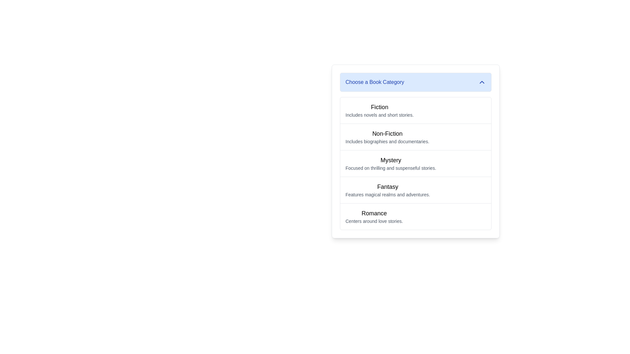 The width and height of the screenshot is (630, 354). What do you see at coordinates (415, 110) in the screenshot?
I see `the first list item for the category 'Fiction'` at bounding box center [415, 110].